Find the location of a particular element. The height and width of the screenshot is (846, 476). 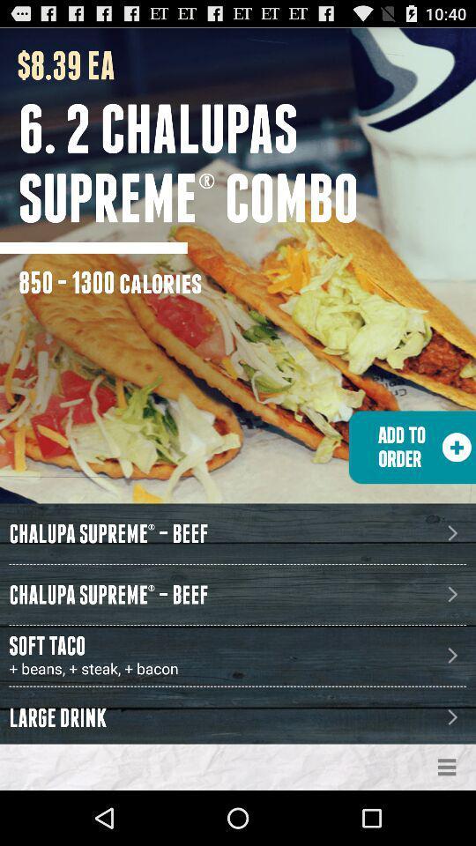

$8.39 ea item is located at coordinates (57, 65).